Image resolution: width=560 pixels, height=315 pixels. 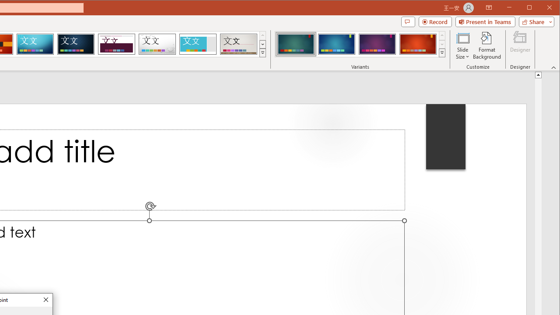 I want to click on 'Ion Variant 4', so click(x=417, y=44).